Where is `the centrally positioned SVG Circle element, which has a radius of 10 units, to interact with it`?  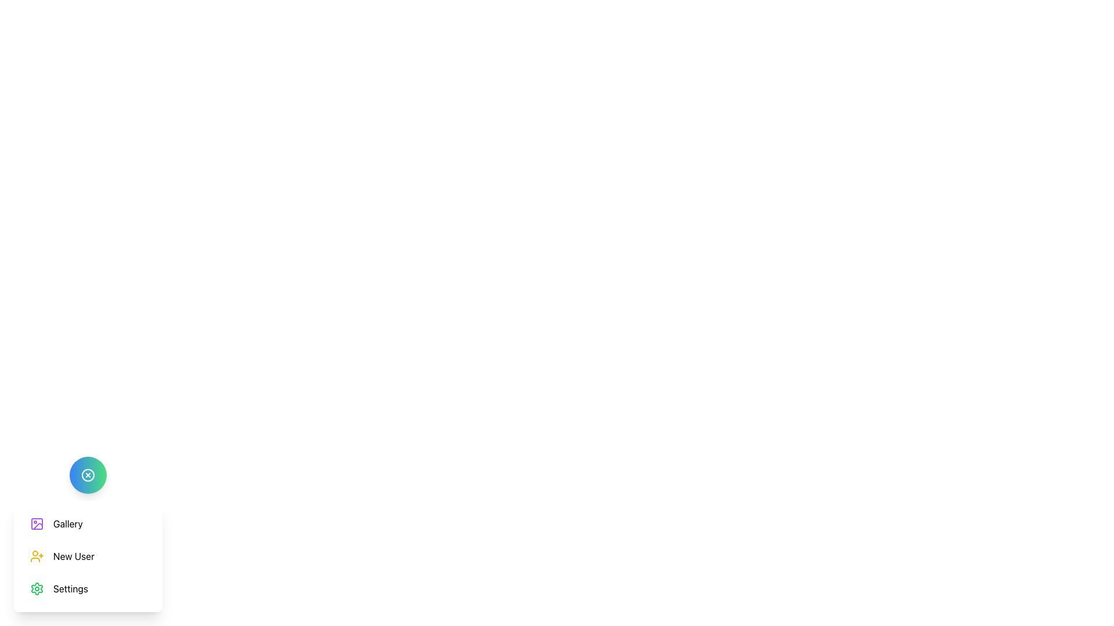
the centrally positioned SVG Circle element, which has a radius of 10 units, to interact with it is located at coordinates (88, 475).